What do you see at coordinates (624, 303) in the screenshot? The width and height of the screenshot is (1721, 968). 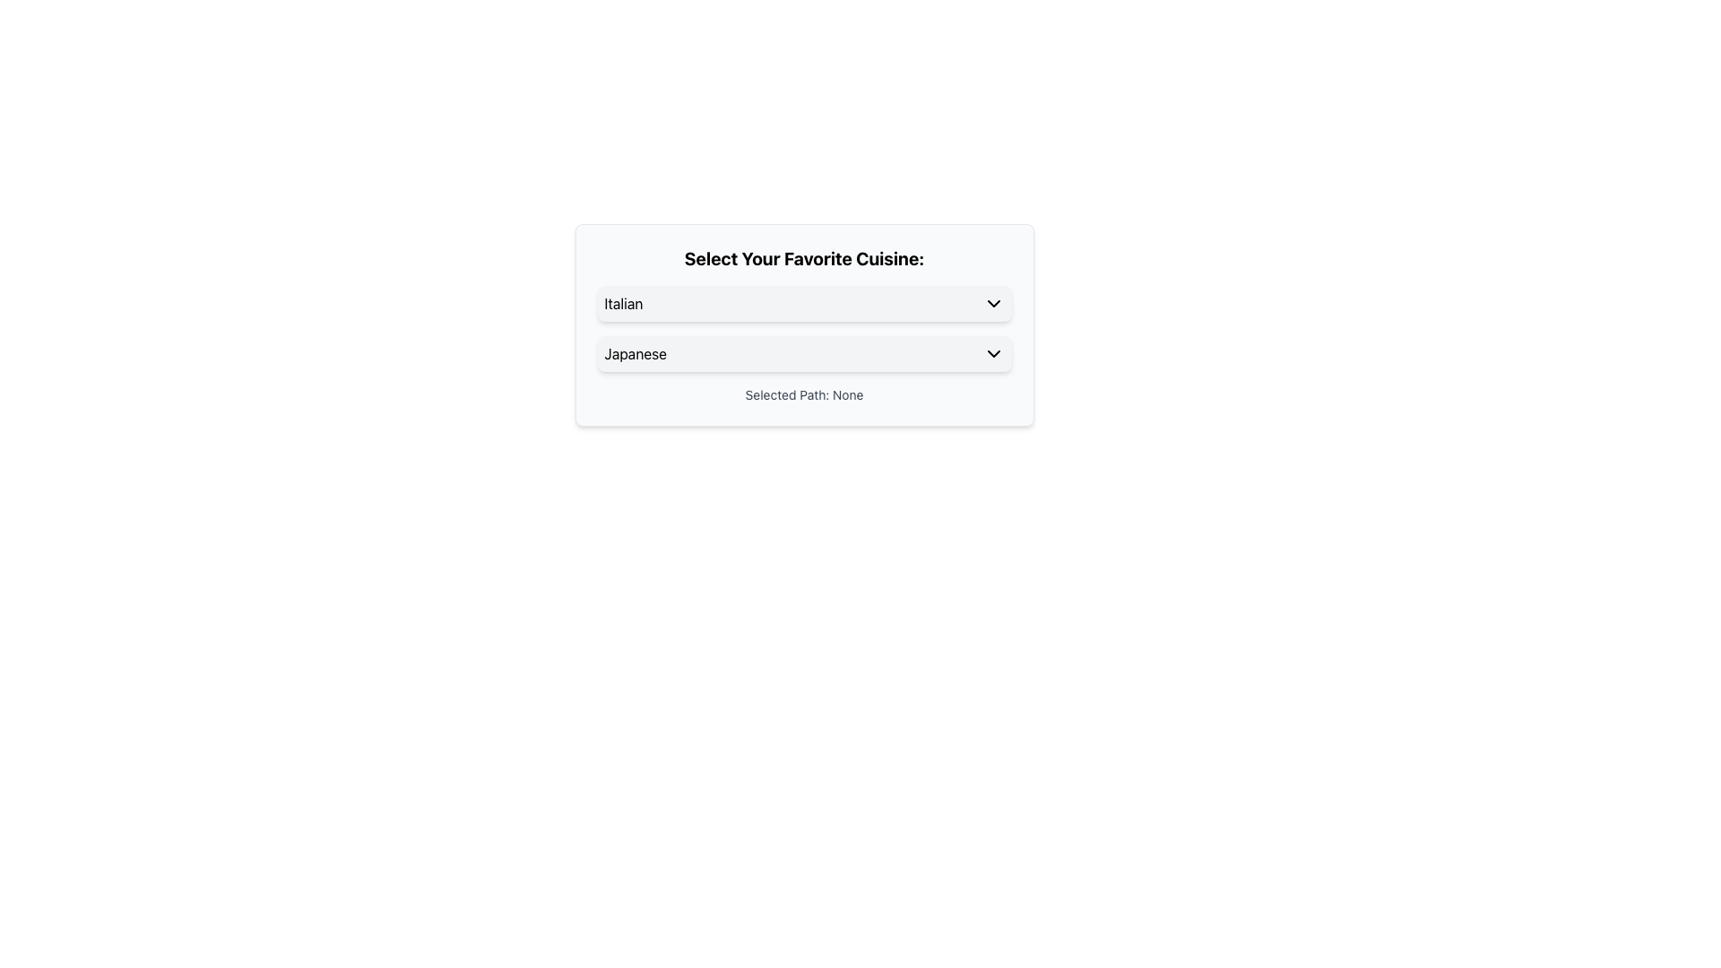 I see `the text 'Italian' in the dropdown menu` at bounding box center [624, 303].